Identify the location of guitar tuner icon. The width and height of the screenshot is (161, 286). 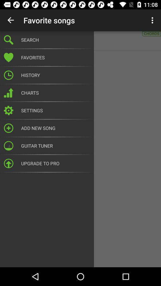
(55, 145).